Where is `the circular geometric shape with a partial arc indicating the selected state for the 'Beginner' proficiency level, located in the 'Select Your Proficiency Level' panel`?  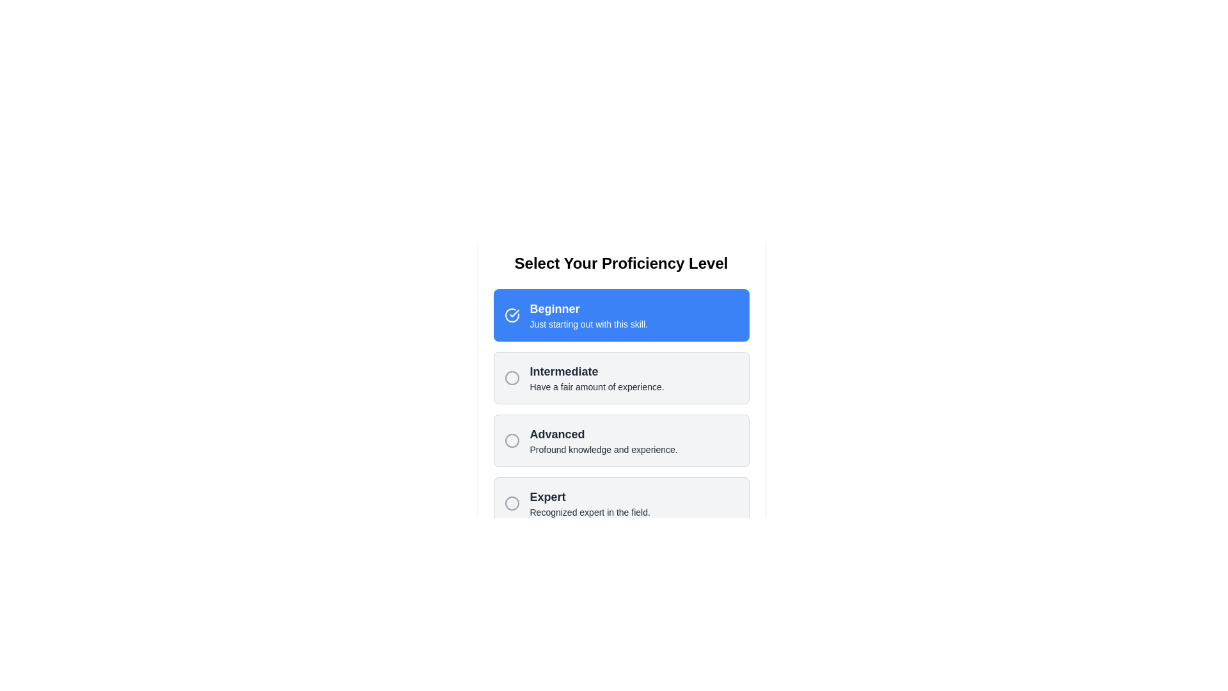
the circular geometric shape with a partial arc indicating the selected state for the 'Beginner' proficiency level, located in the 'Select Your Proficiency Level' panel is located at coordinates (512, 315).